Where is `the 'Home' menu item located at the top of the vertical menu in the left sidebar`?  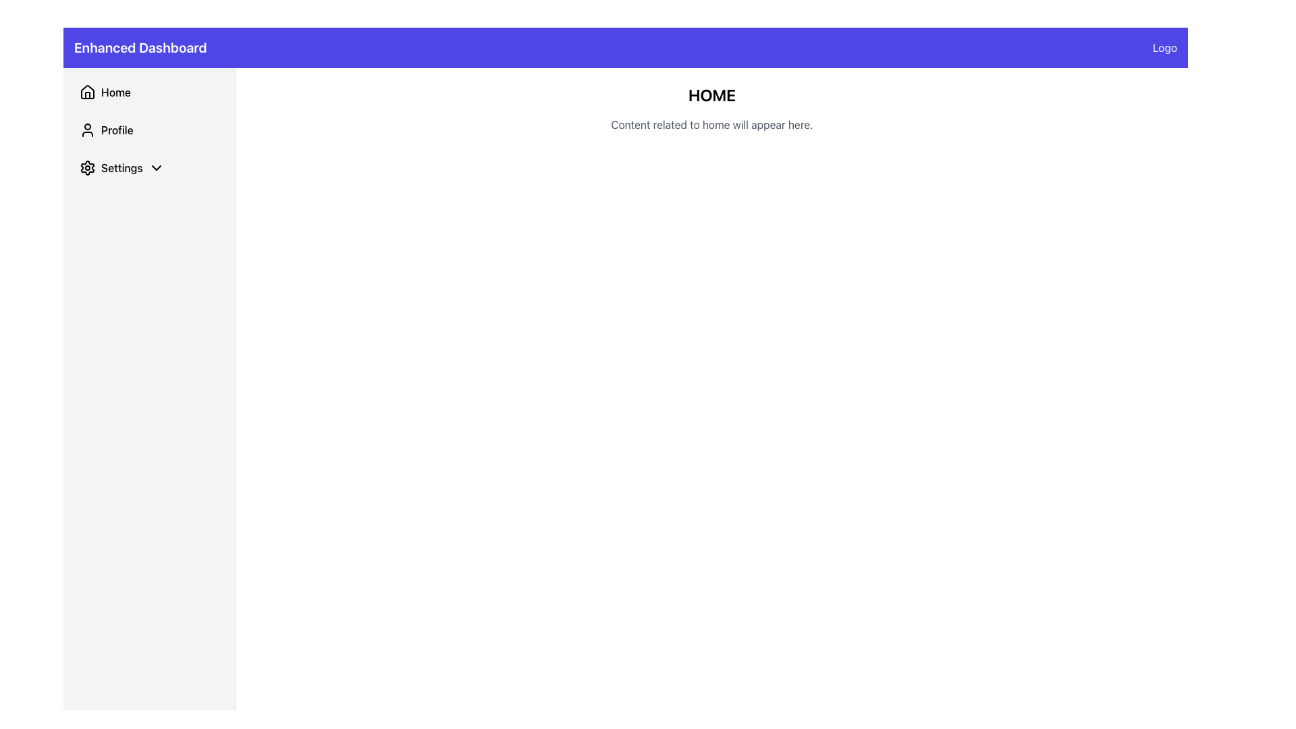 the 'Home' menu item located at the top of the vertical menu in the left sidebar is located at coordinates (149, 92).